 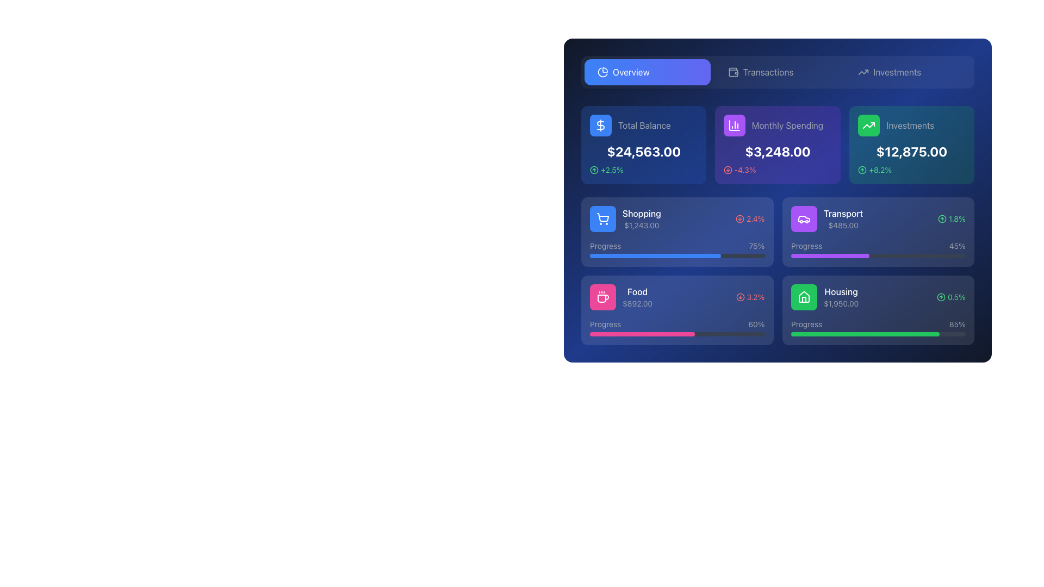 What do you see at coordinates (605, 246) in the screenshot?
I see `the 'Progress' label located in the lower-left section of the 'Shopping' category box, which is directly above the horizontal progress bar` at bounding box center [605, 246].